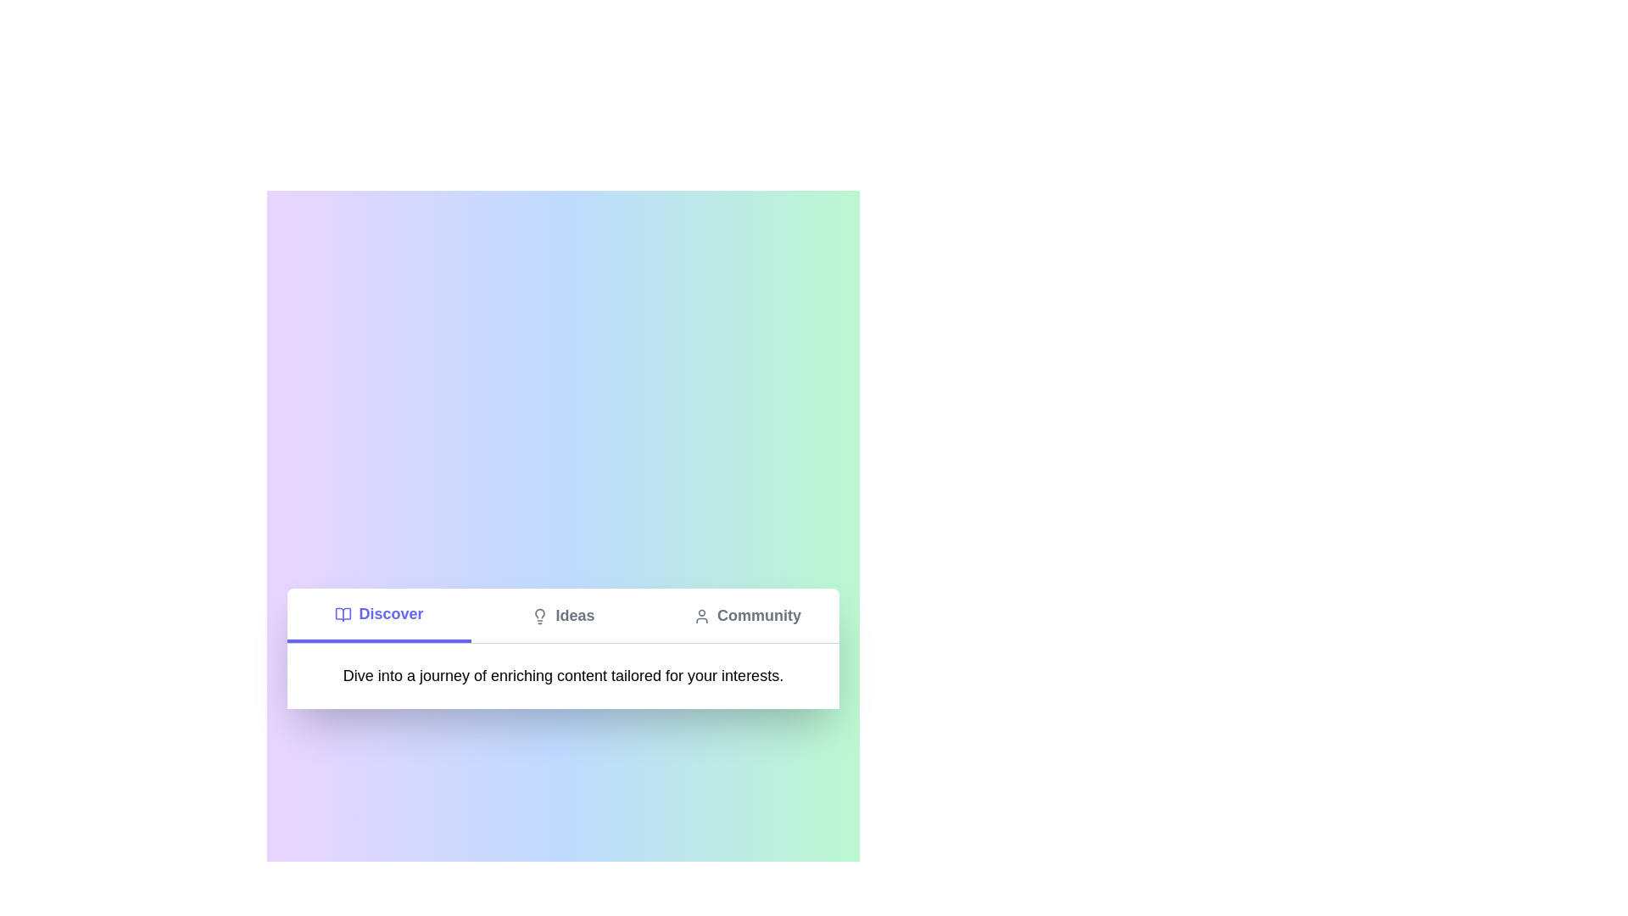  What do you see at coordinates (746, 615) in the screenshot?
I see `the Community tab in the InteractivePanel` at bounding box center [746, 615].